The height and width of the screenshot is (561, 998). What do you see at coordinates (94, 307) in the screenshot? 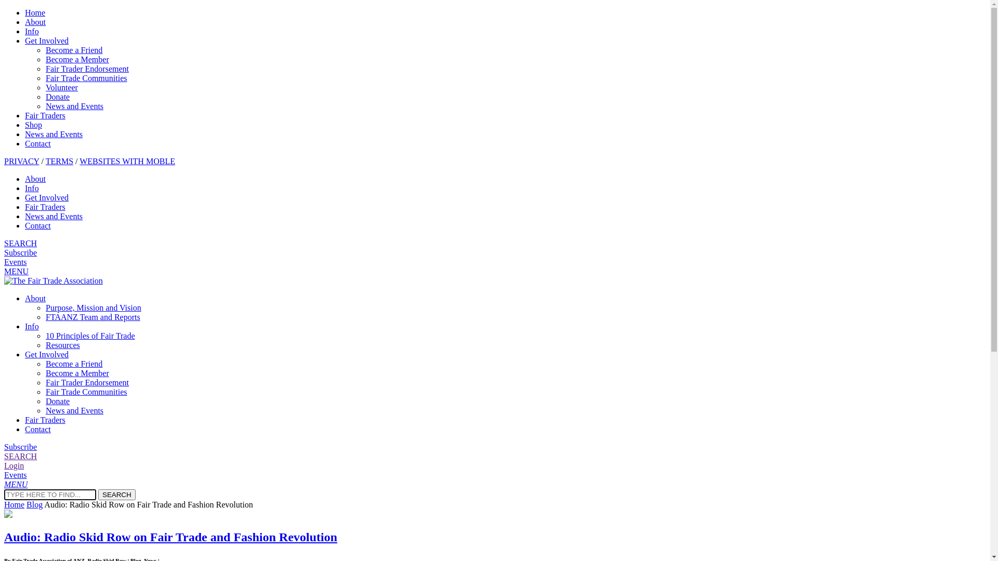
I see `'Purpose, Mission and Vision'` at bounding box center [94, 307].